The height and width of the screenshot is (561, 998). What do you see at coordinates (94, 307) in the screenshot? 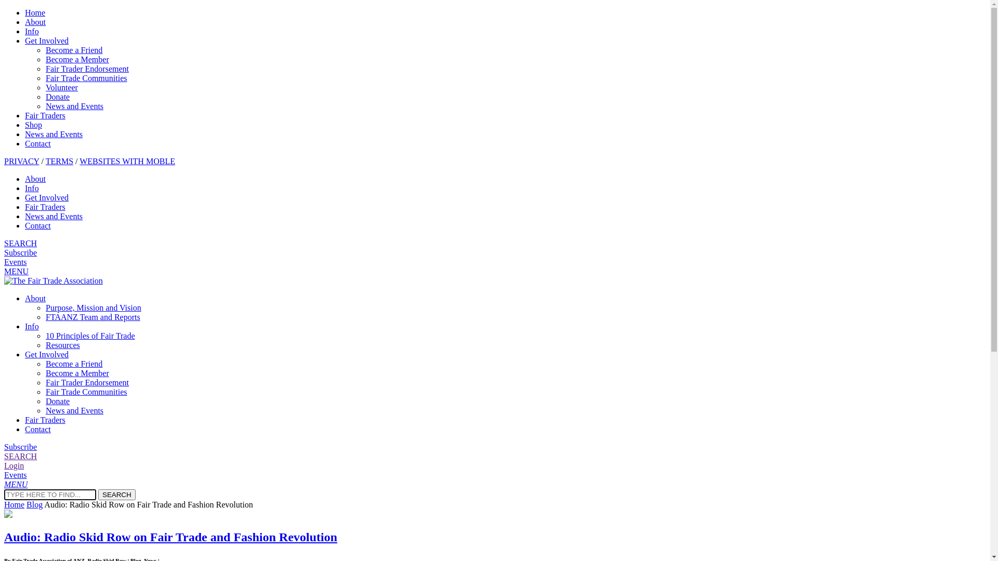
I see `'Purpose, Mission and Vision'` at bounding box center [94, 307].